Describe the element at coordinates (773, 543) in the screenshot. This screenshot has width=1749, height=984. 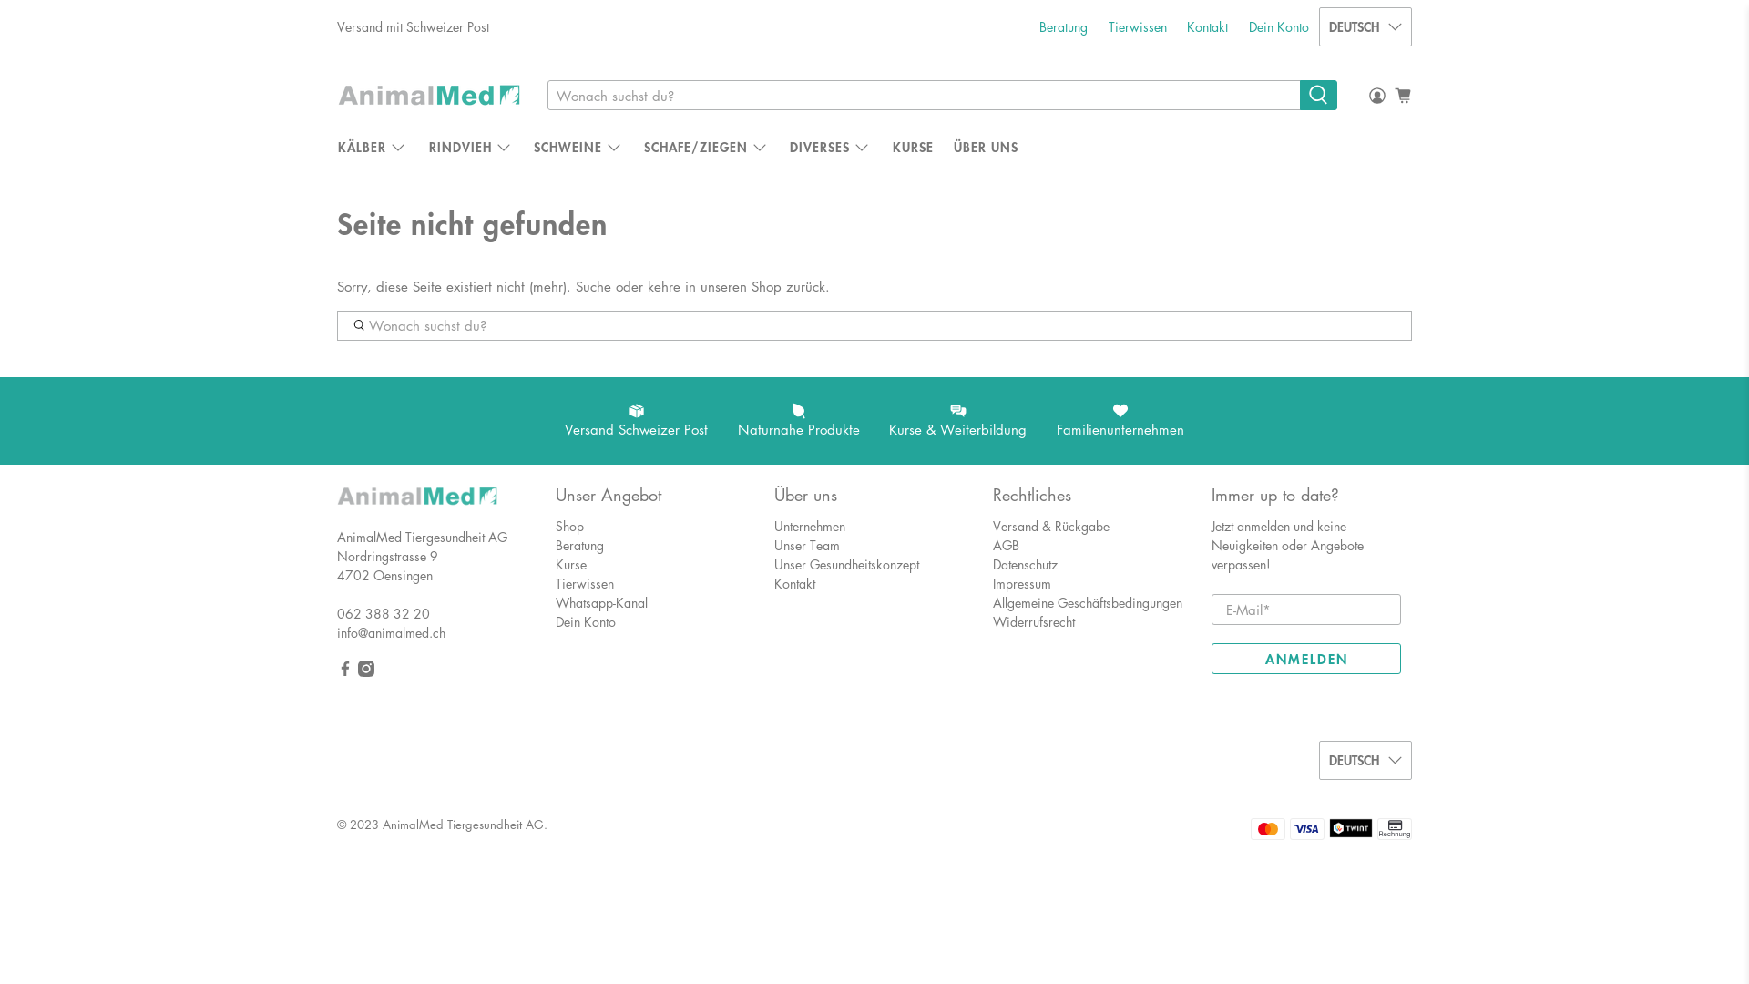
I see `'Unser Team'` at that location.